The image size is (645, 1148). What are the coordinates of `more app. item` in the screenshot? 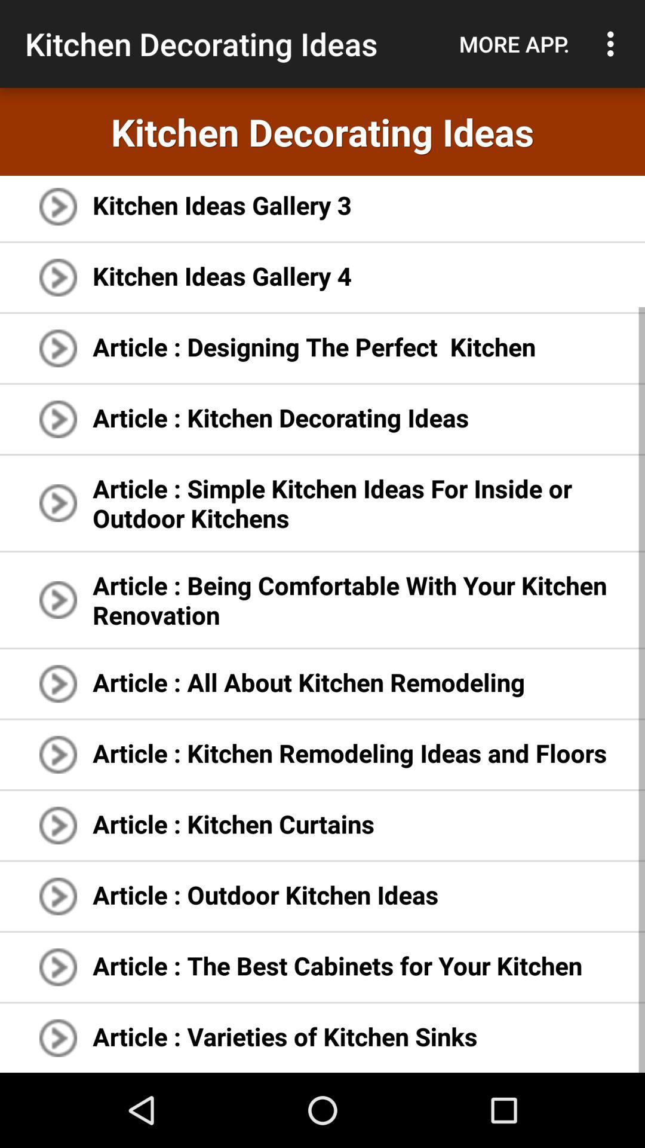 It's located at (514, 44).